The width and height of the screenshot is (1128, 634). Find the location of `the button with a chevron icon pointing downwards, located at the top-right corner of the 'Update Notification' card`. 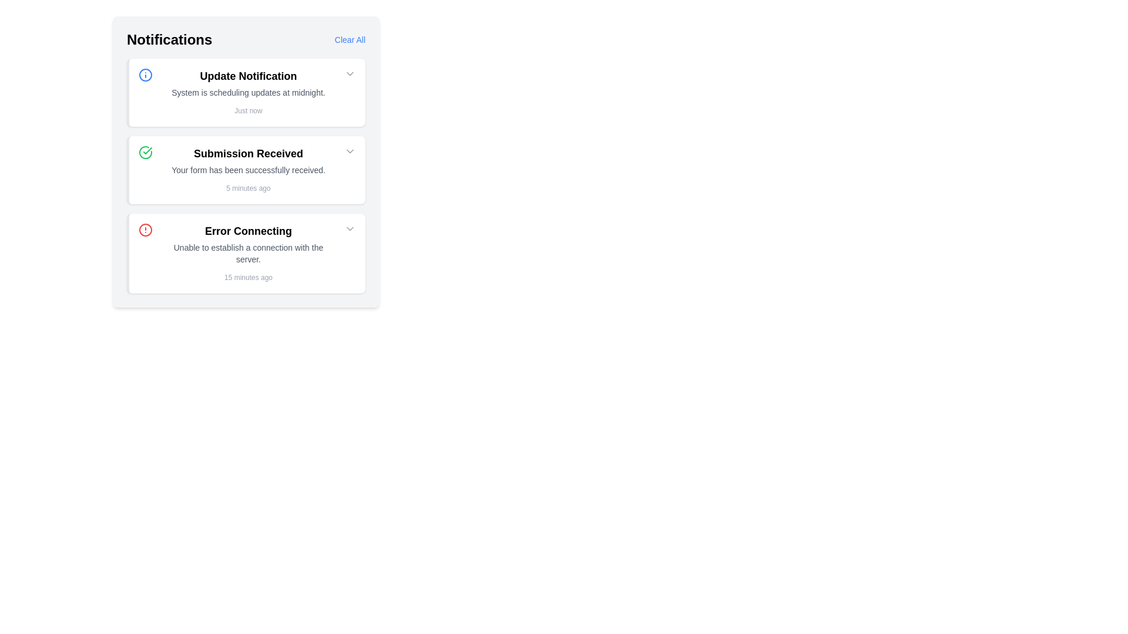

the button with a chevron icon pointing downwards, located at the top-right corner of the 'Update Notification' card is located at coordinates (349, 74).